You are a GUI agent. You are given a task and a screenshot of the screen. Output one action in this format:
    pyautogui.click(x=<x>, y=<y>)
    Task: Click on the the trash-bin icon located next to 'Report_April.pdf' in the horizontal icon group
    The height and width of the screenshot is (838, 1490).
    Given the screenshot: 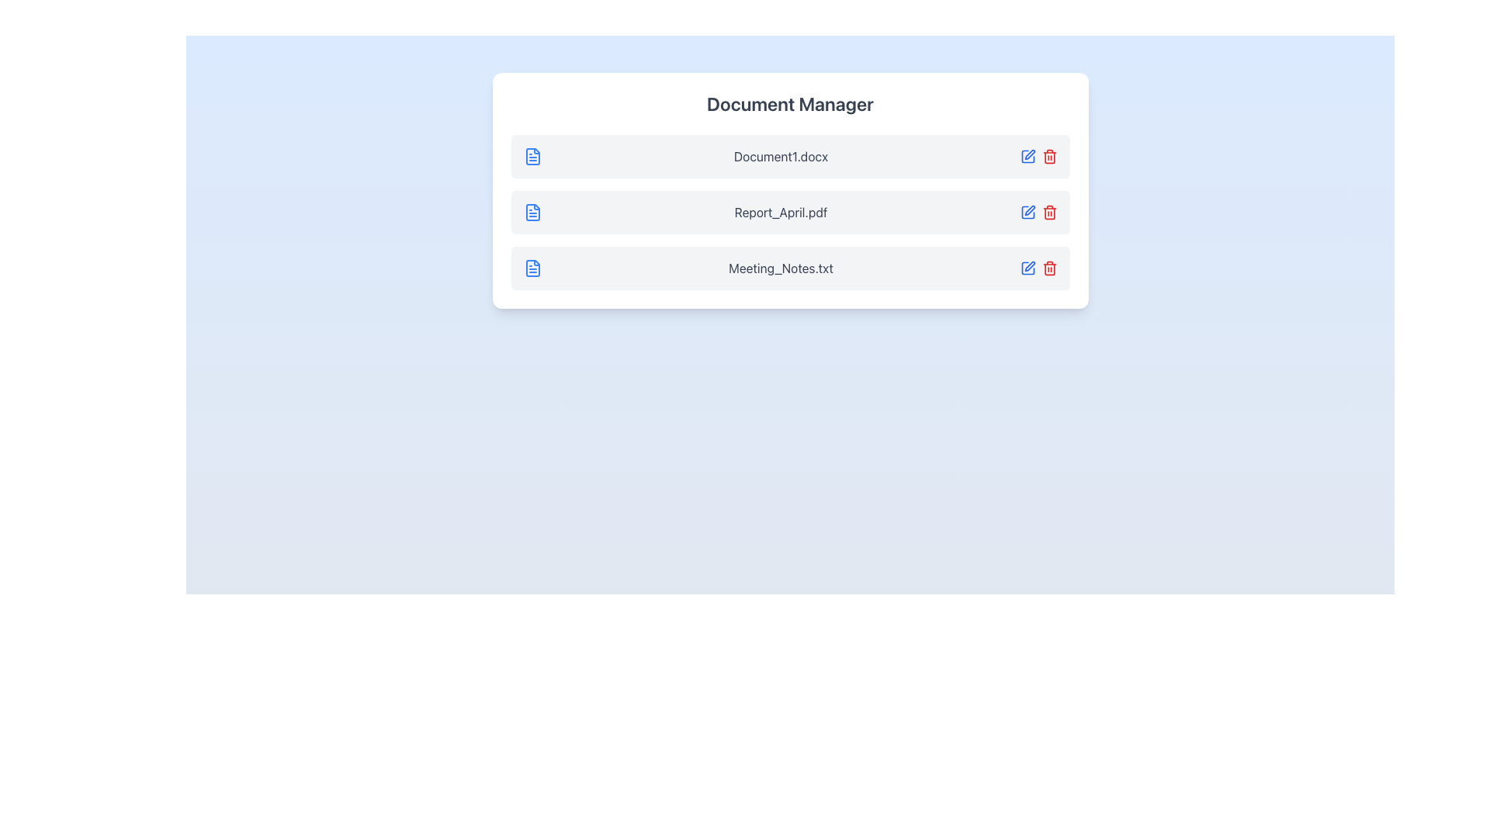 What is the action you would take?
    pyautogui.click(x=1038, y=212)
    